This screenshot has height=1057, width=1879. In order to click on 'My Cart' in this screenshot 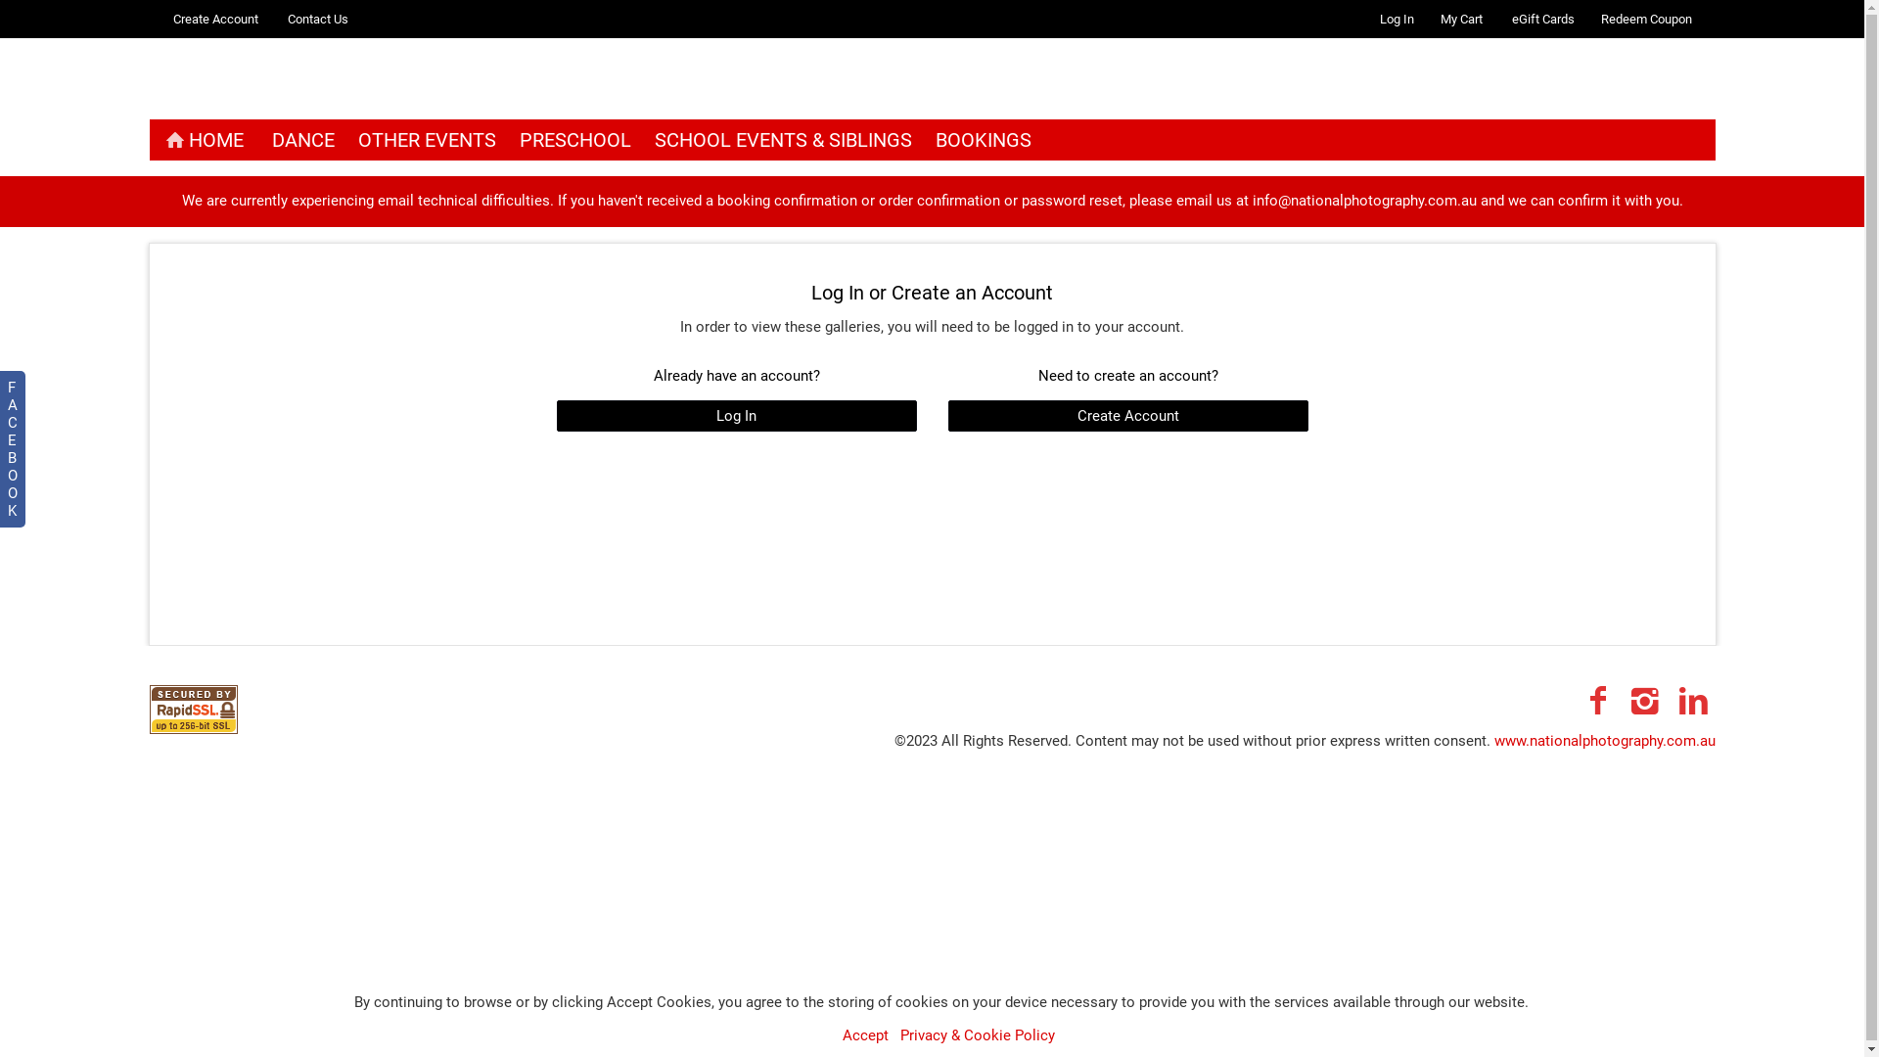, I will do `click(1462, 19)`.